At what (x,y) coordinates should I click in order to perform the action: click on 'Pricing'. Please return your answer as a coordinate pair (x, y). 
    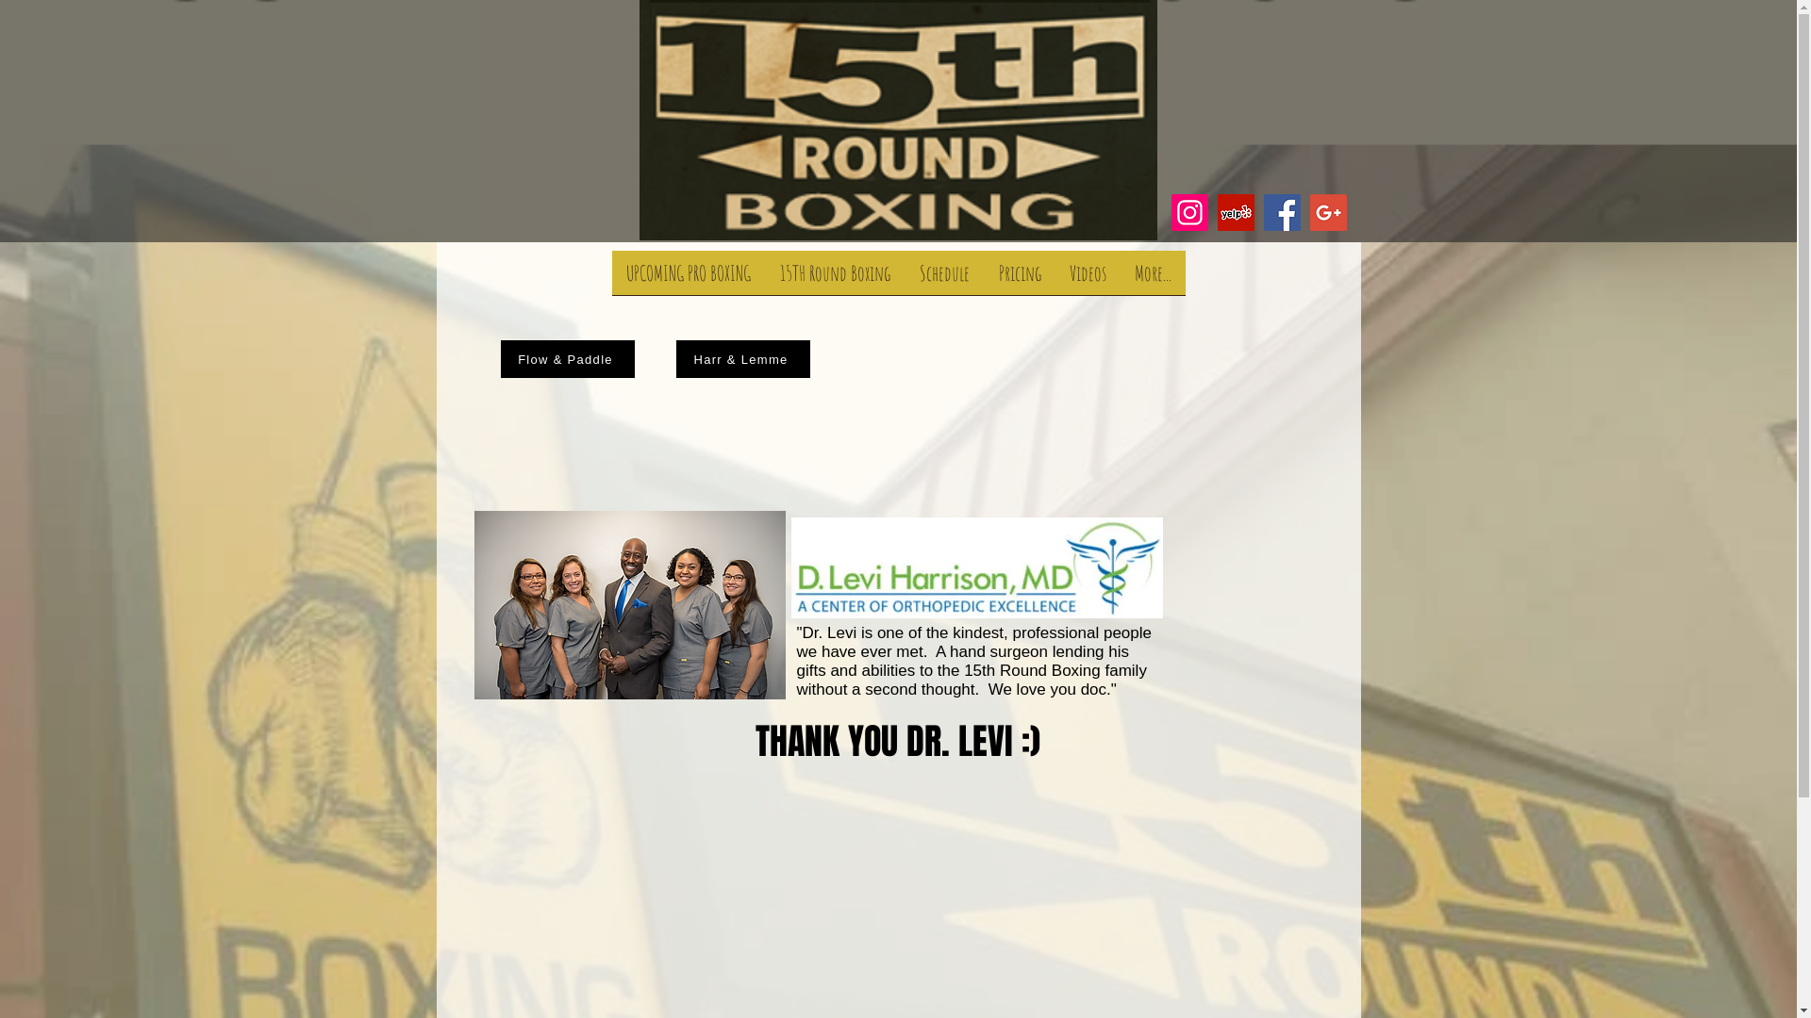
    Looking at the image, I should click on (1019, 279).